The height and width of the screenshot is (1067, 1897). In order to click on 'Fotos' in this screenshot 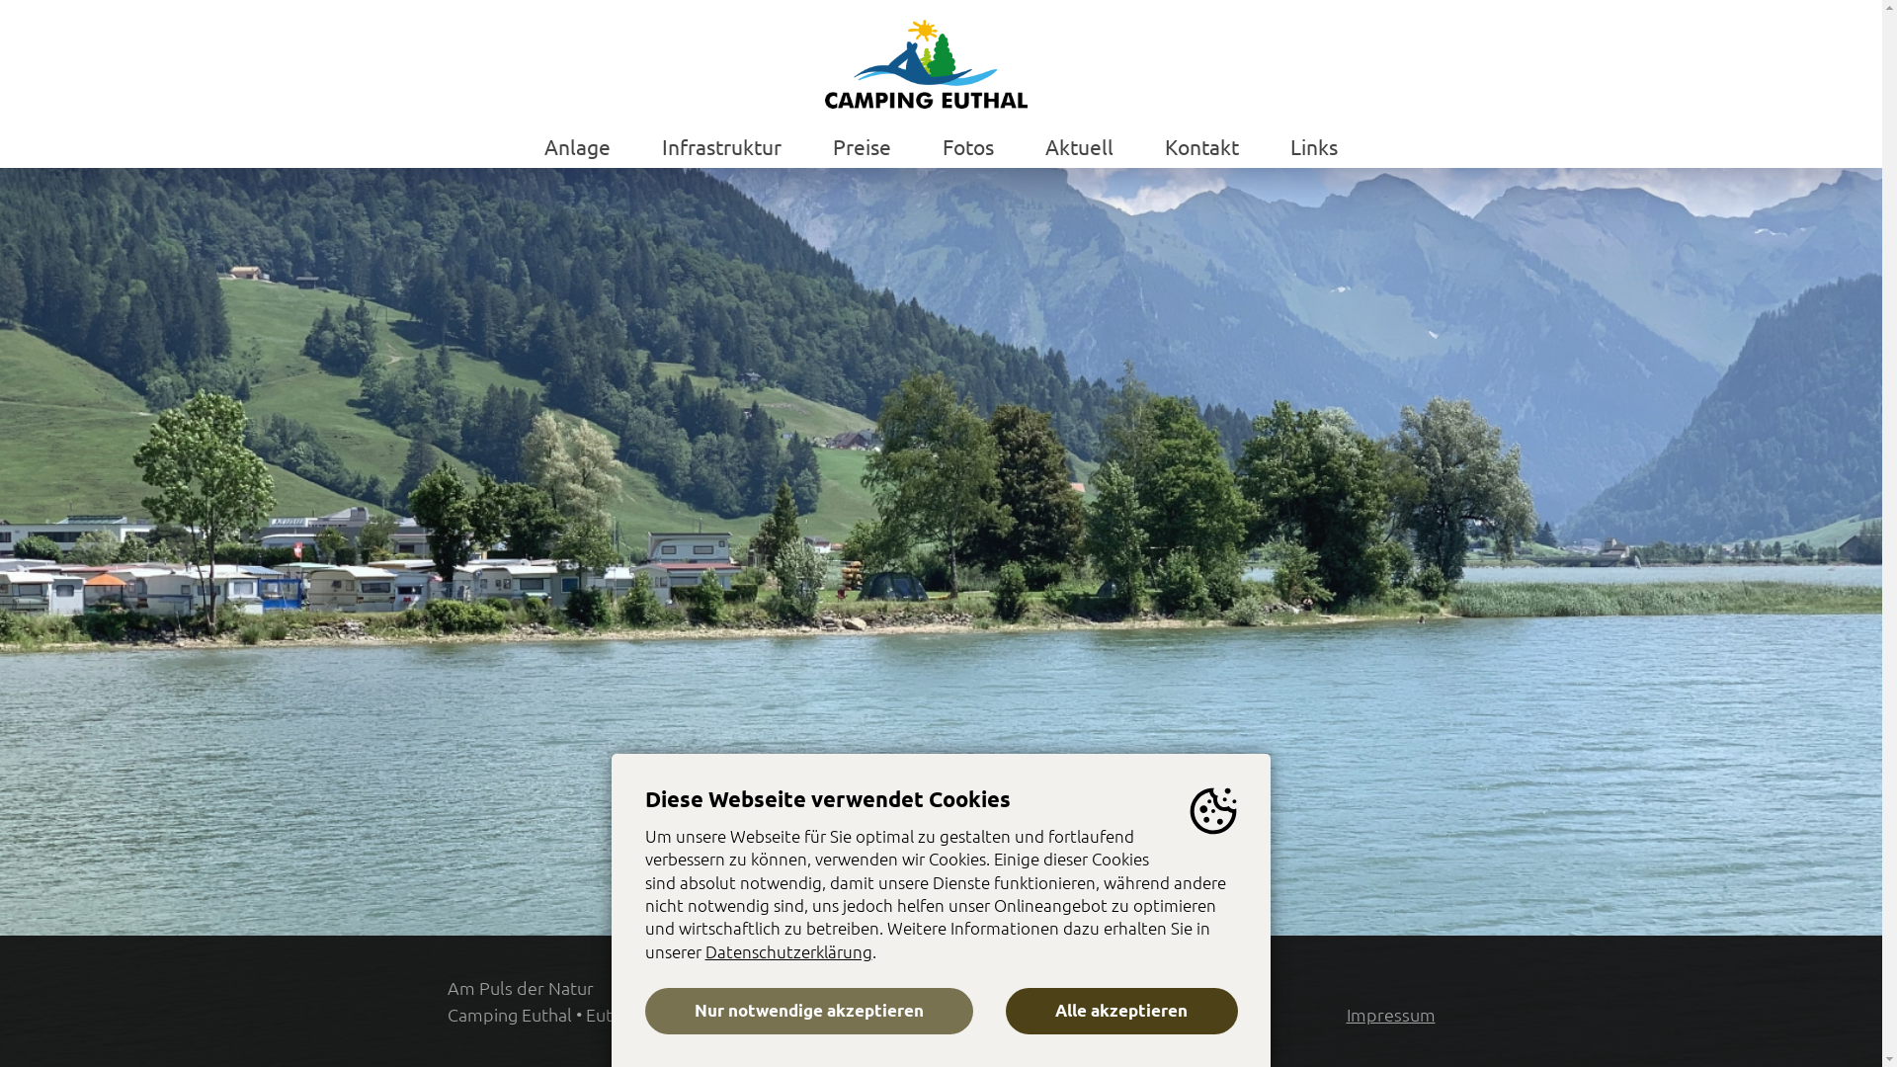, I will do `click(942, 144)`.